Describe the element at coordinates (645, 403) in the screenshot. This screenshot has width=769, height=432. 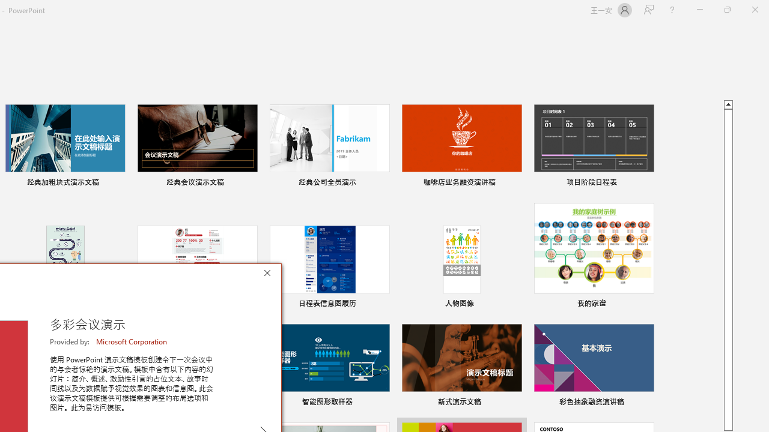
I see `'Pin to list'` at that location.